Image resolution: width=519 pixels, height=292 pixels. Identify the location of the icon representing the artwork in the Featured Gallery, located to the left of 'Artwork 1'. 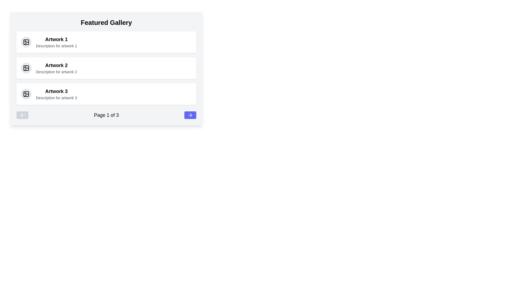
(26, 42).